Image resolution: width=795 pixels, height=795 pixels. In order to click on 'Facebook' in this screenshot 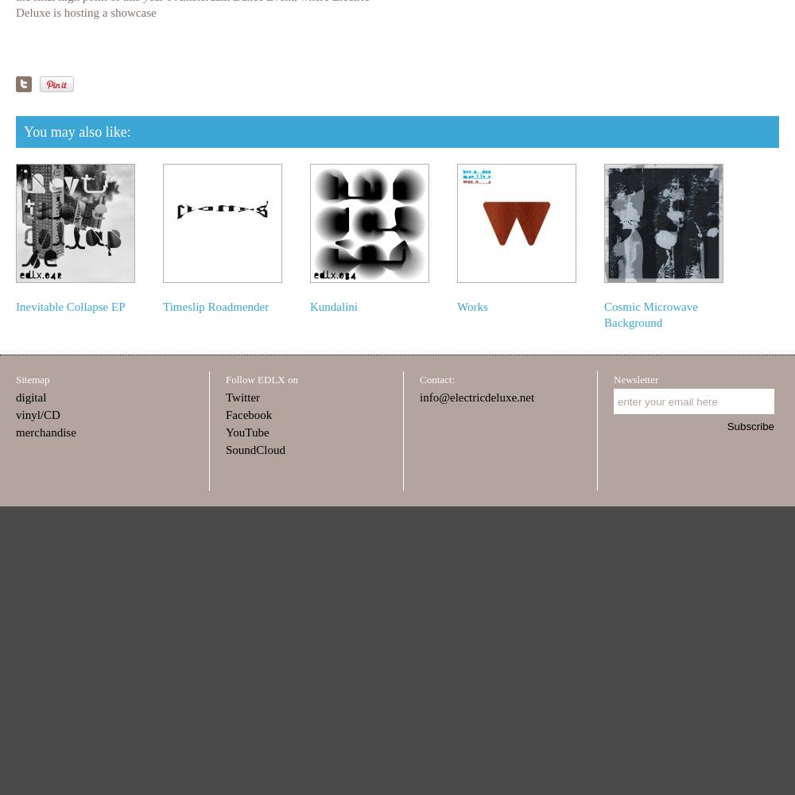, I will do `click(248, 415)`.